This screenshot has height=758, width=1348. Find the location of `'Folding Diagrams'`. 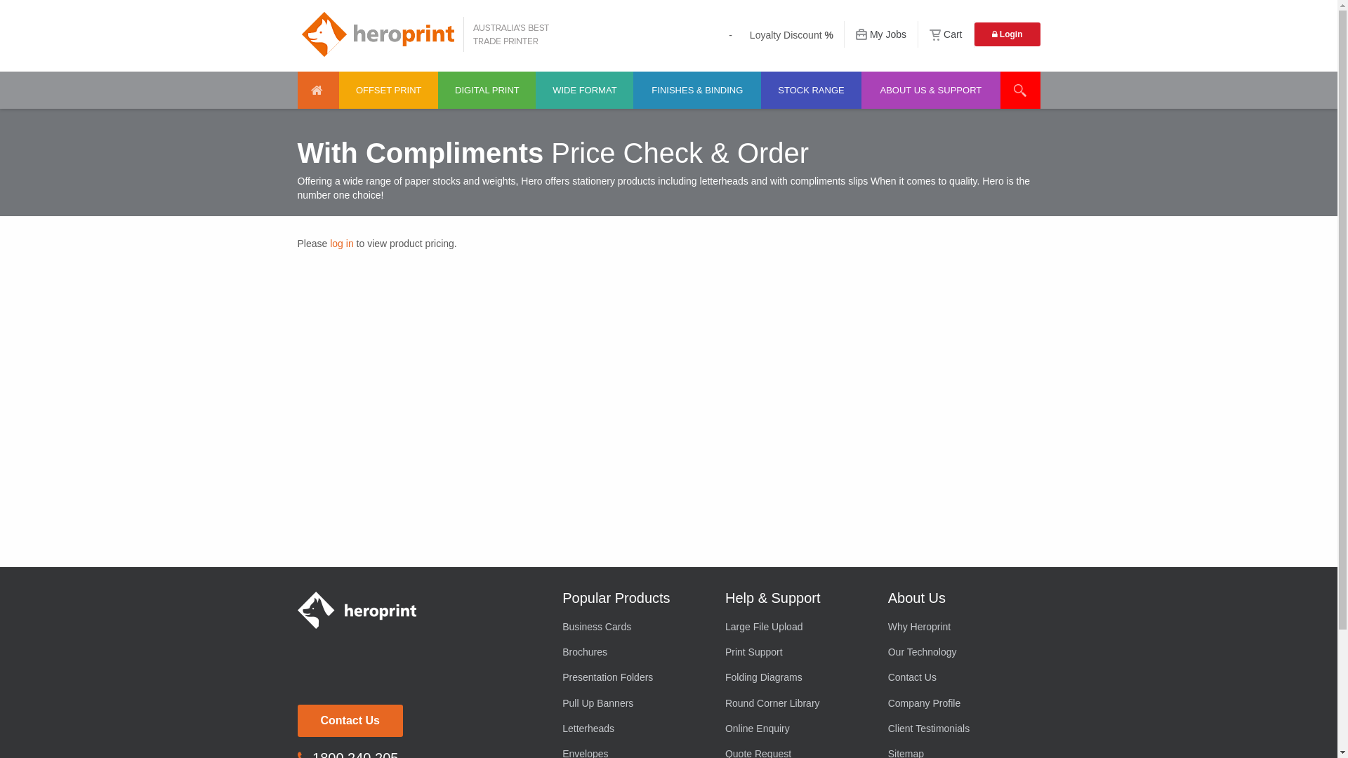

'Folding Diagrams' is located at coordinates (795, 676).